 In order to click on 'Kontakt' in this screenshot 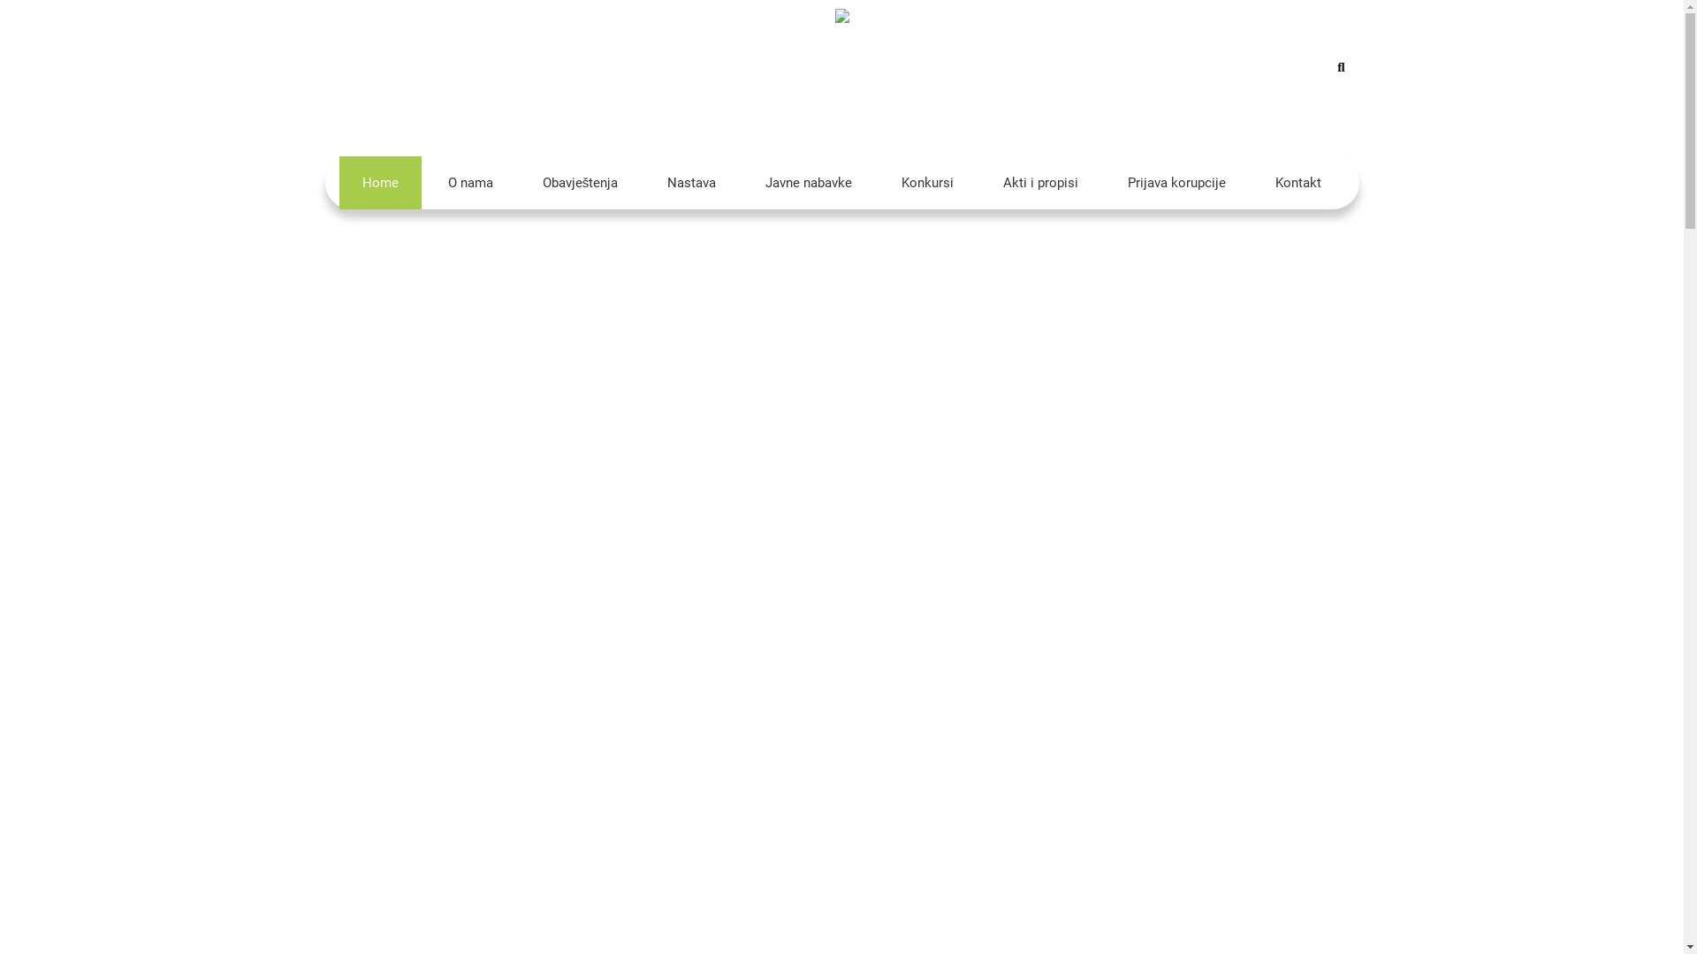, I will do `click(1297, 183)`.